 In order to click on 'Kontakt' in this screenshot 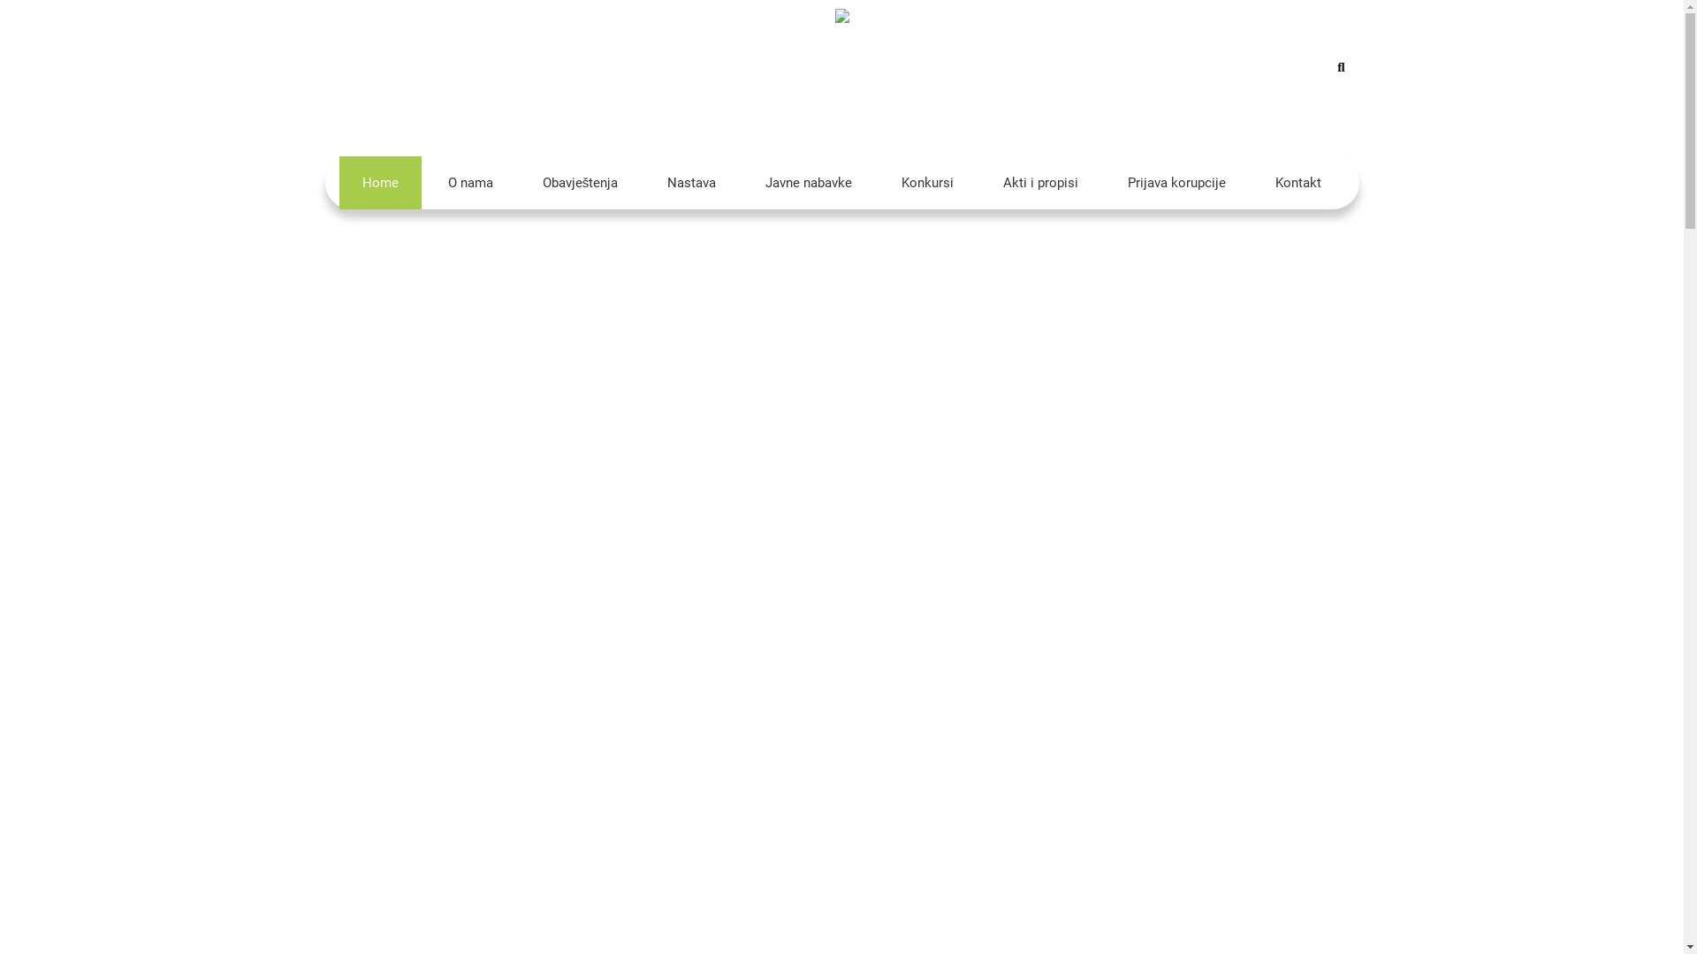, I will do `click(1297, 183)`.